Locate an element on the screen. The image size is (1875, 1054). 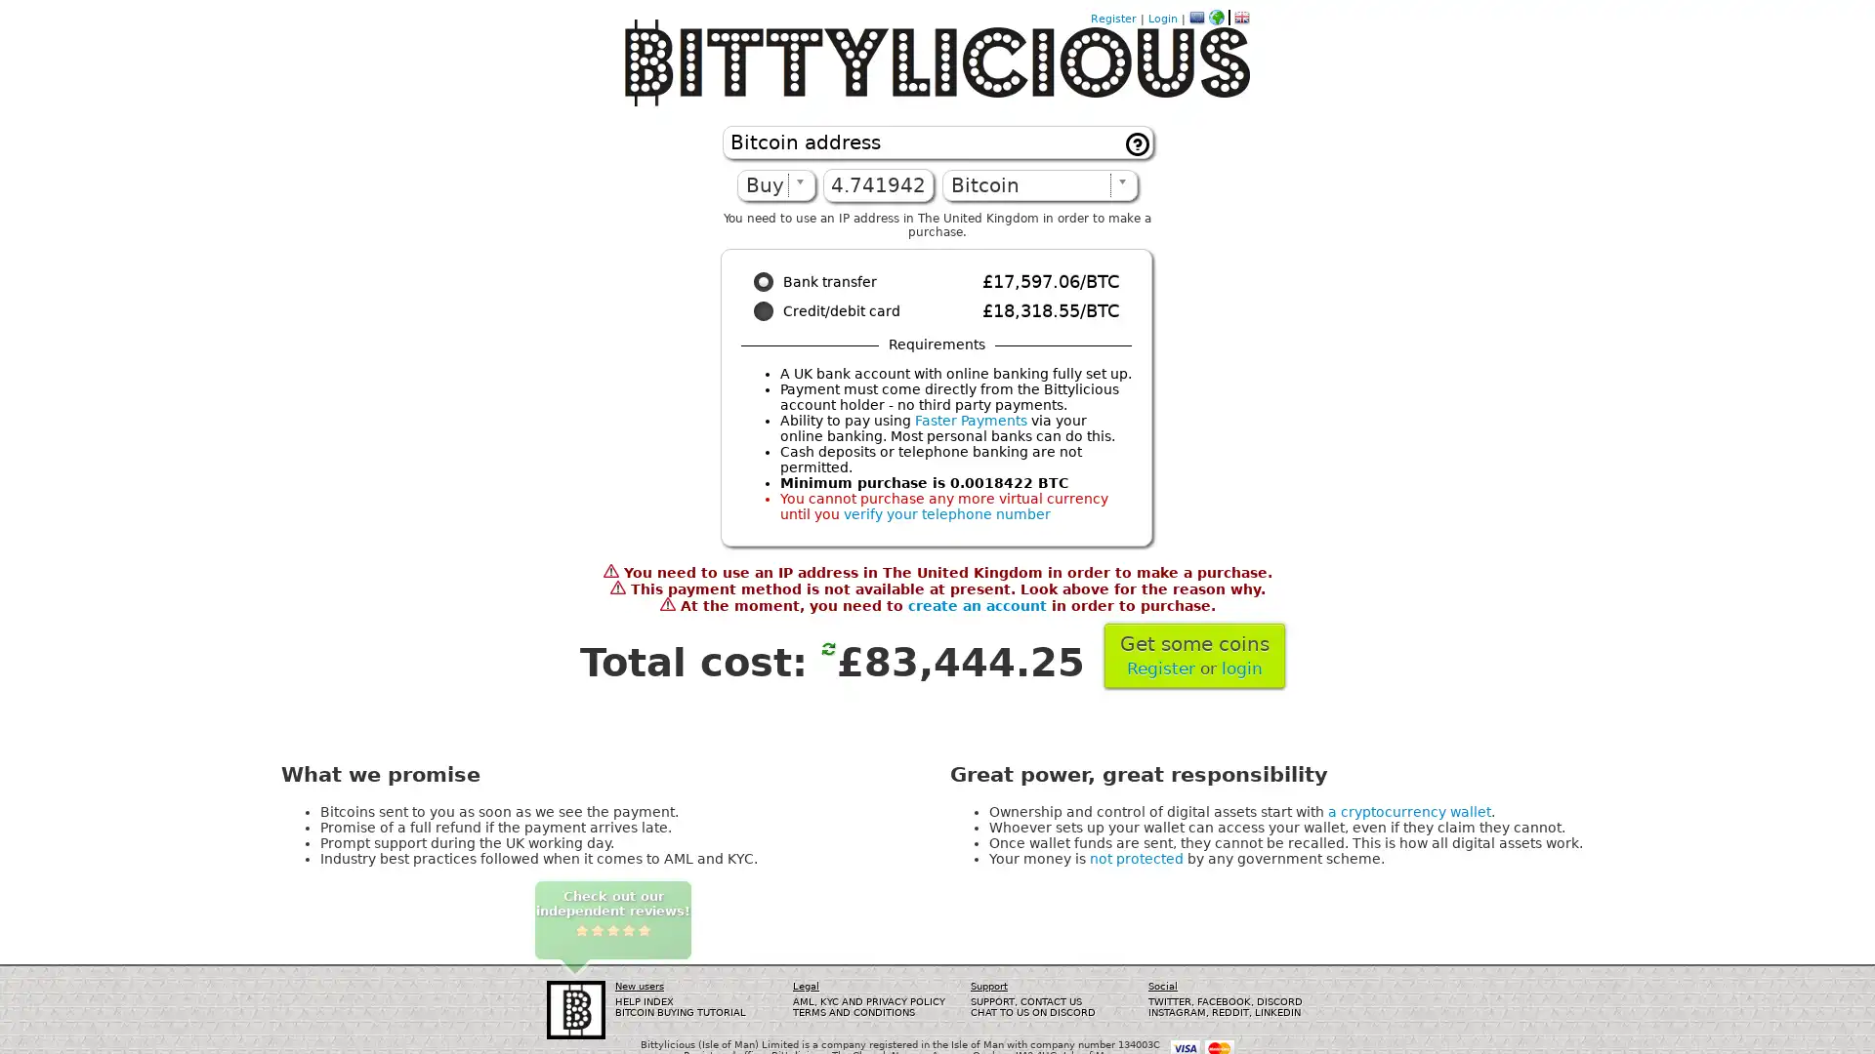
Get some coins Register or login is located at coordinates (1193, 655).